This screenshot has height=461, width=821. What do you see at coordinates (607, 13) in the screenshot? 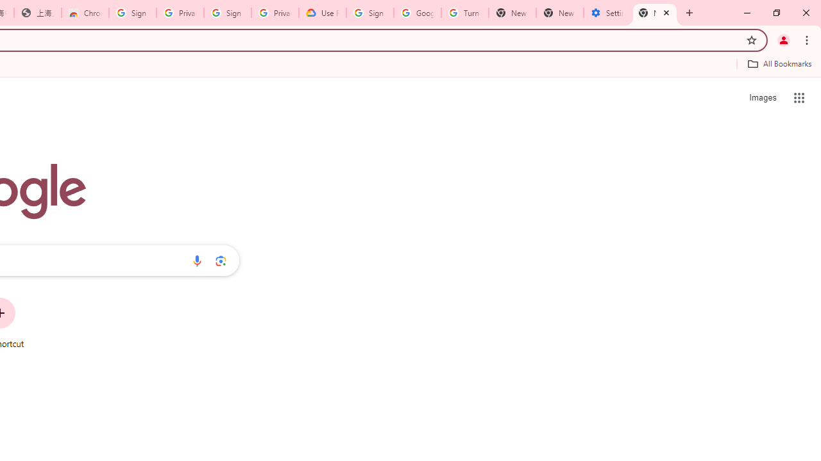
I see `'Settings - System'` at bounding box center [607, 13].